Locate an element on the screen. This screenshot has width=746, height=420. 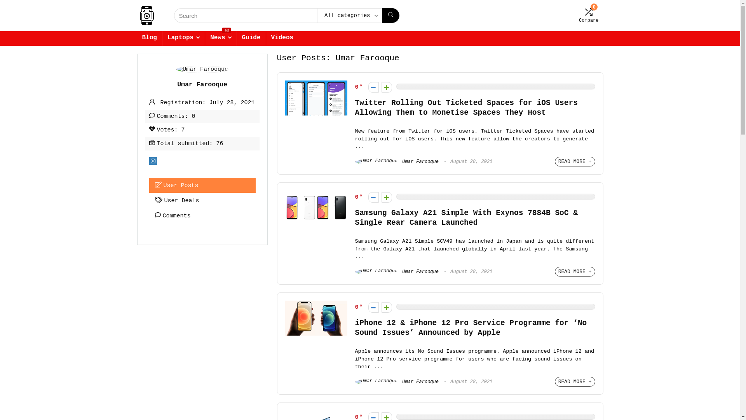
'Vote down' is located at coordinates (373, 197).